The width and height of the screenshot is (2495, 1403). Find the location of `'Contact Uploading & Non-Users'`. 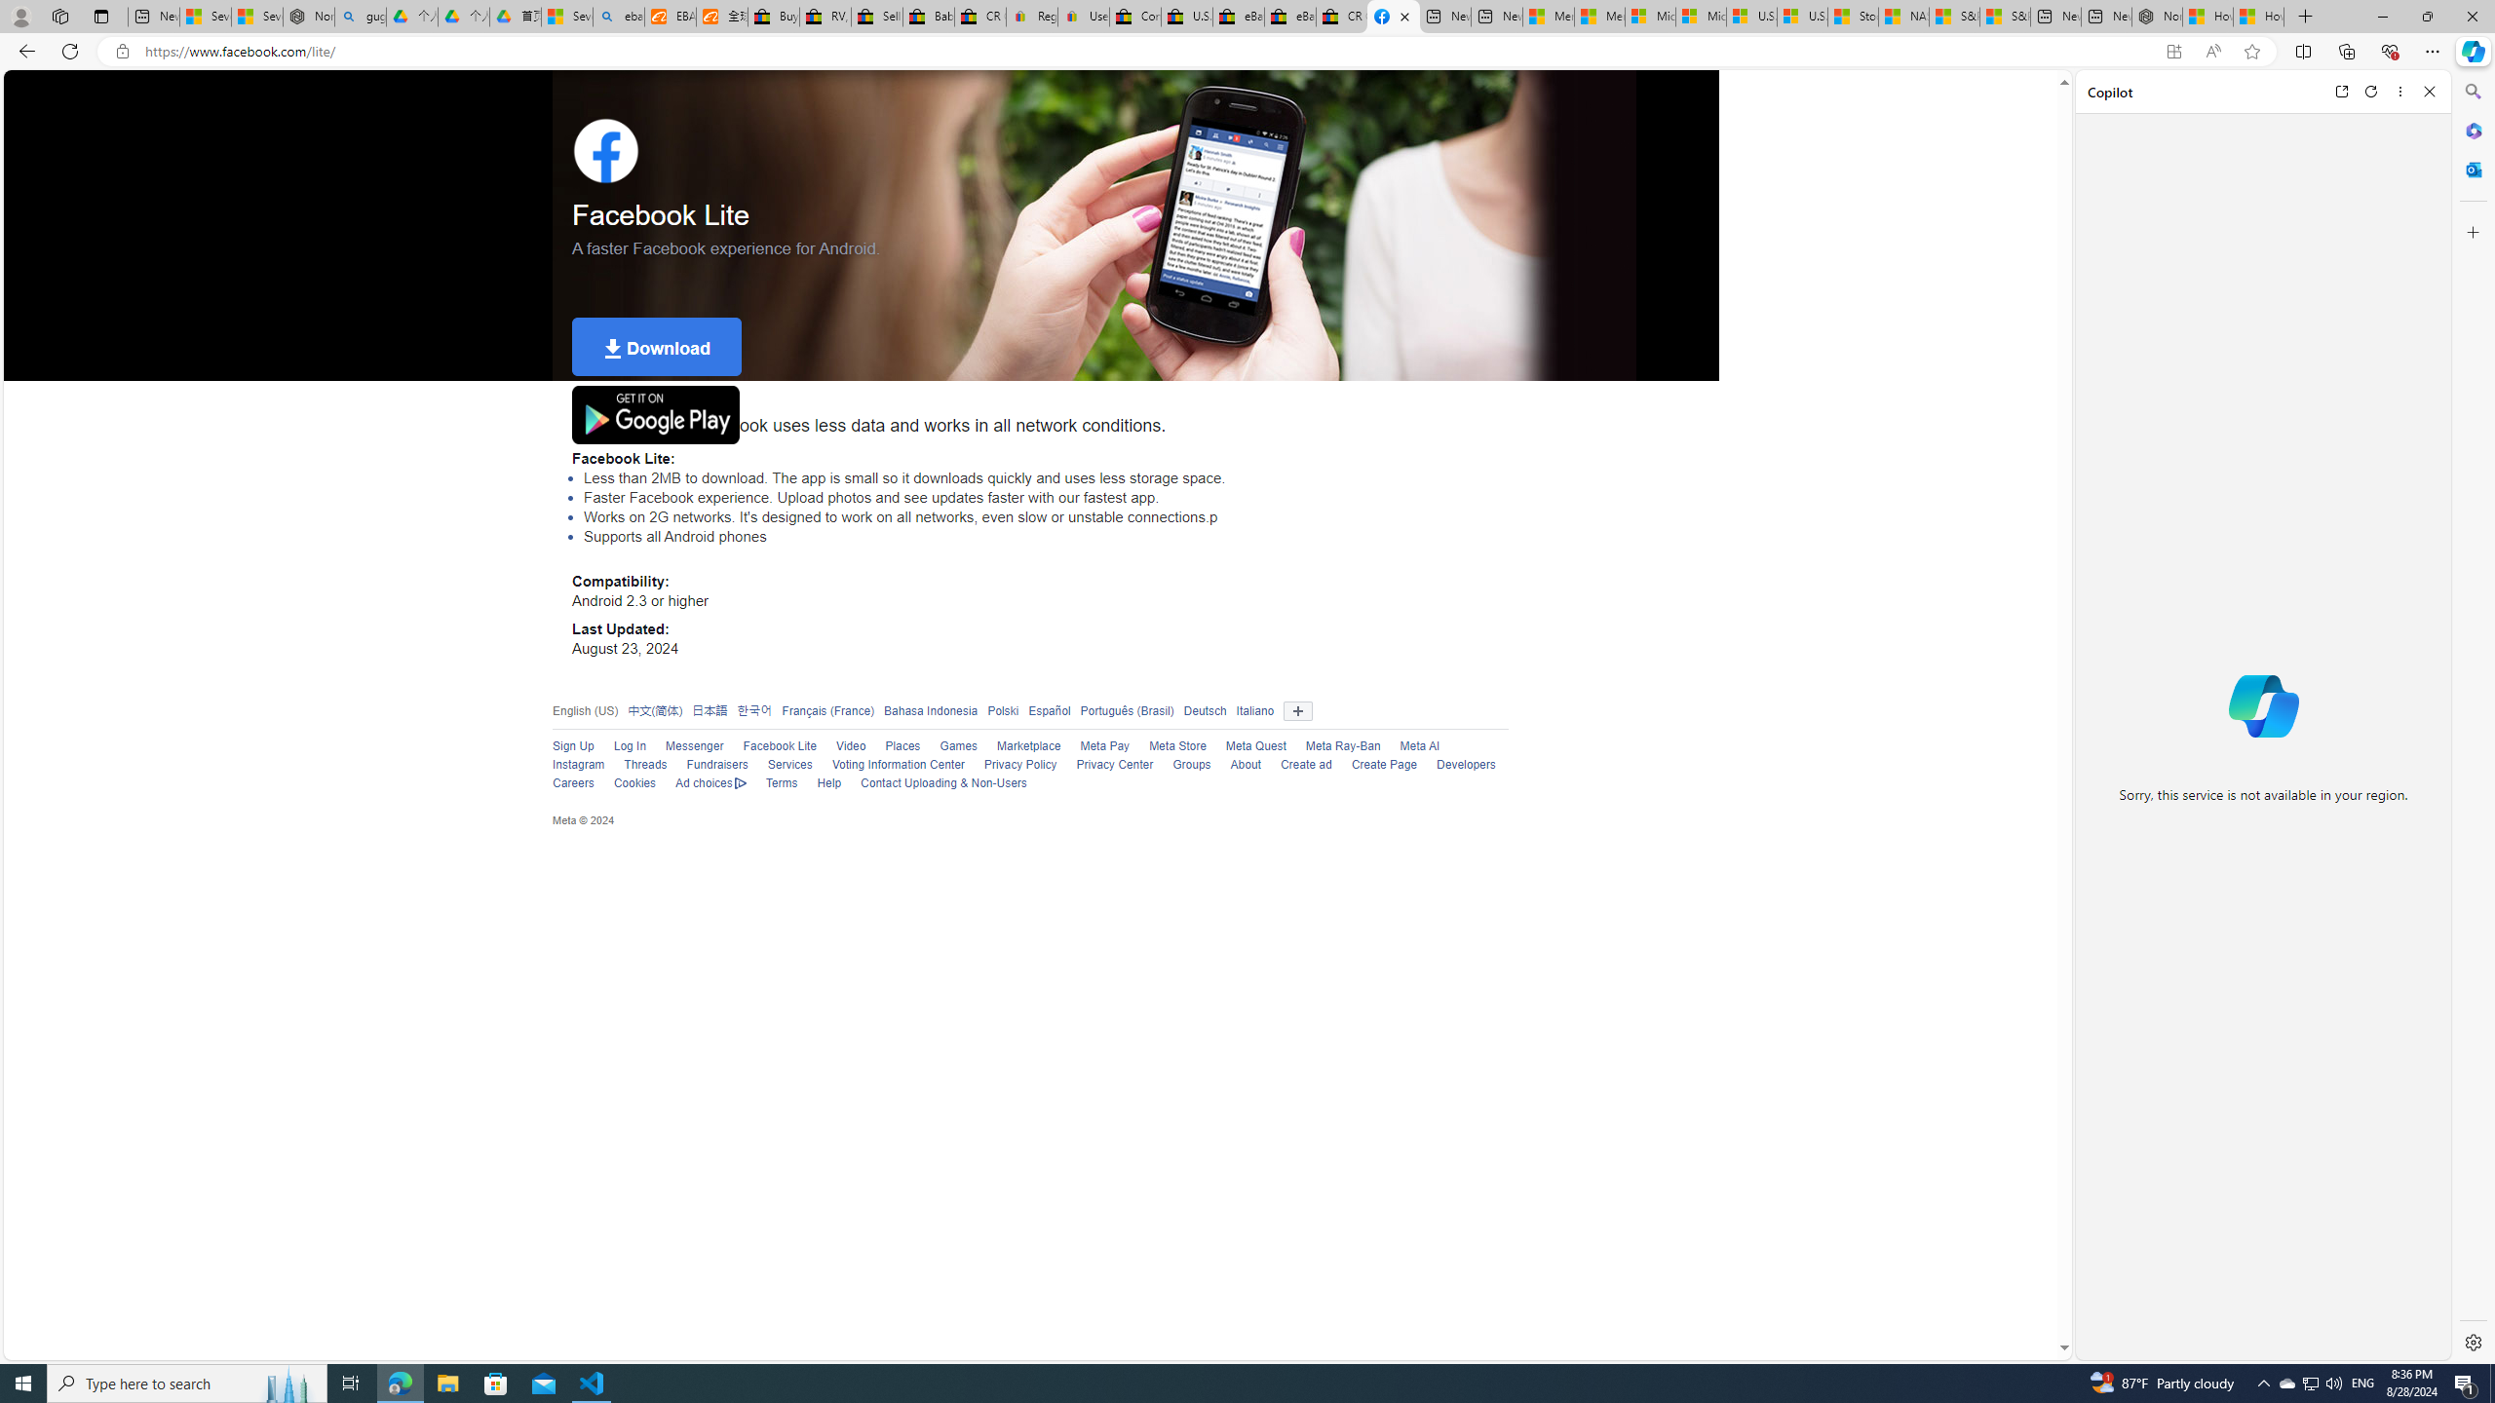

'Contact Uploading & Non-Users' is located at coordinates (942, 783).